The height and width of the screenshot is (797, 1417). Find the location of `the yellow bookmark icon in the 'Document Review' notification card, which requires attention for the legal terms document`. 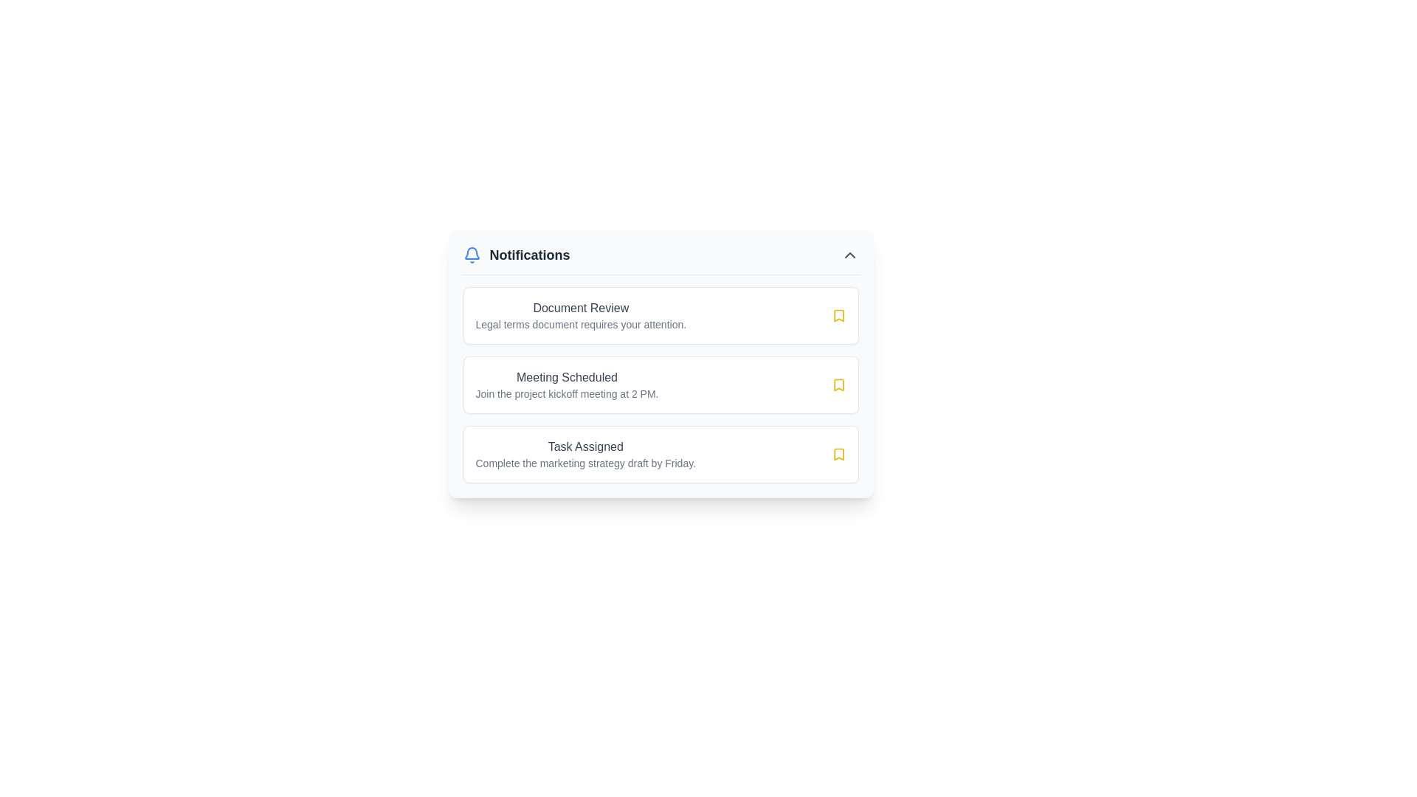

the yellow bookmark icon in the 'Document Review' notification card, which requires attention for the legal terms document is located at coordinates (838, 315).